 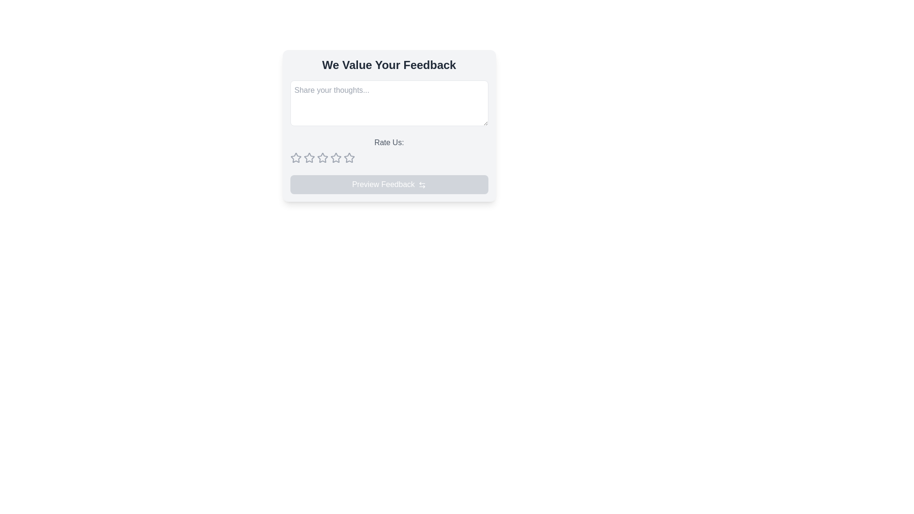 I want to click on the fifth star icon in the interactive rating star sequence, so click(x=348, y=157).